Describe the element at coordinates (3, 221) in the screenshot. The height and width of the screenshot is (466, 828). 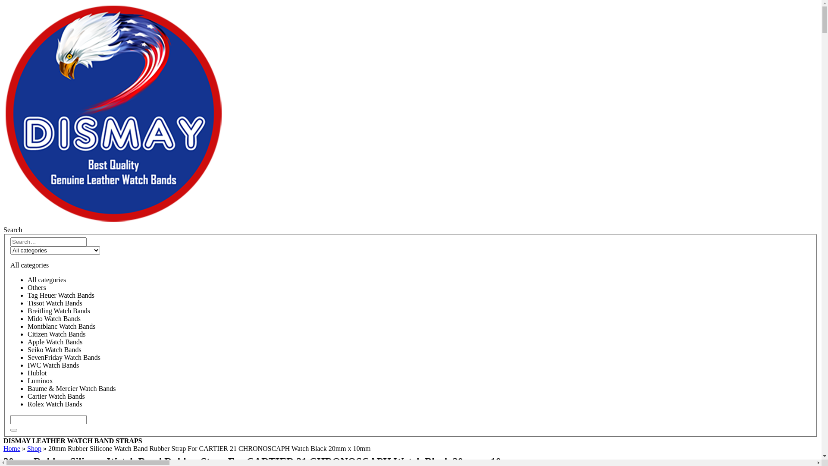
I see `'Watch Bands - Dismay Replacement Leather Watch Bands'` at that location.